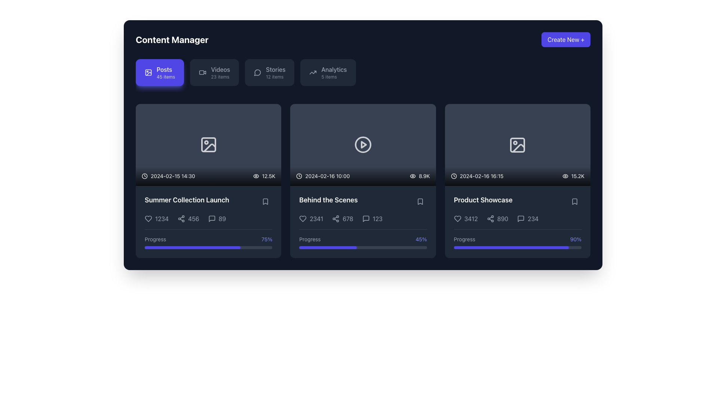 Image resolution: width=718 pixels, height=404 pixels. What do you see at coordinates (334, 72) in the screenshot?
I see `the text block displaying analytics information, which is the fourth navigation item in the top menu, positioned to the right of the 'Stories' section` at bounding box center [334, 72].